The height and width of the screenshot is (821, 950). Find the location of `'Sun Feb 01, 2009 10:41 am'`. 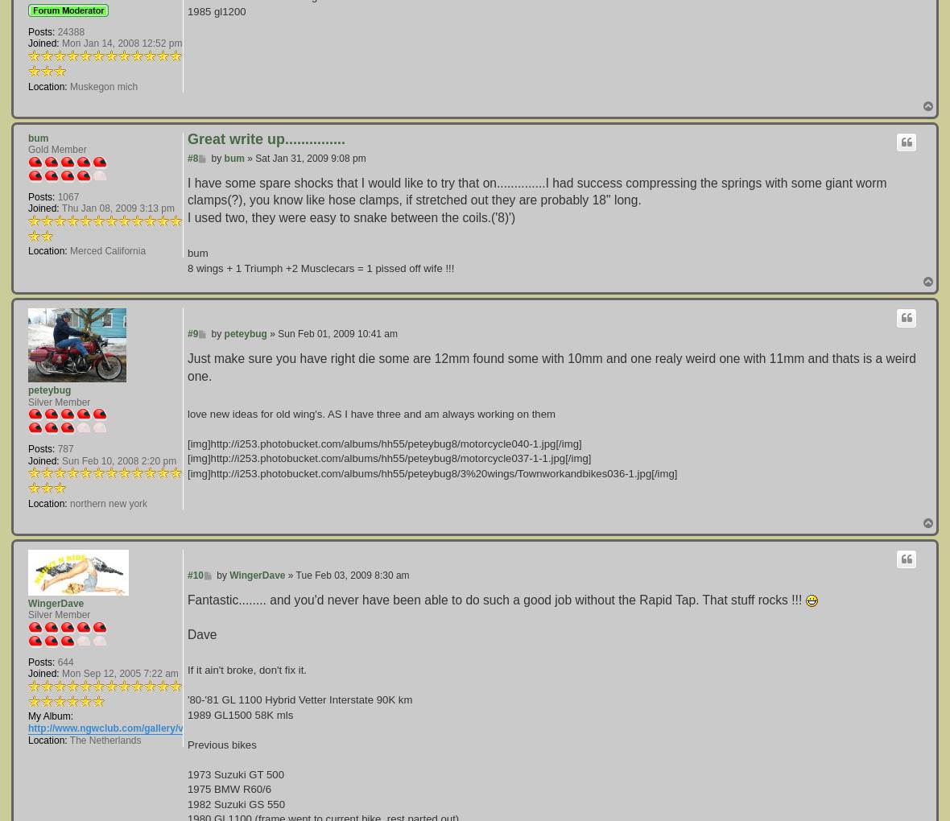

'Sun Feb 01, 2009 10:41 am' is located at coordinates (337, 334).